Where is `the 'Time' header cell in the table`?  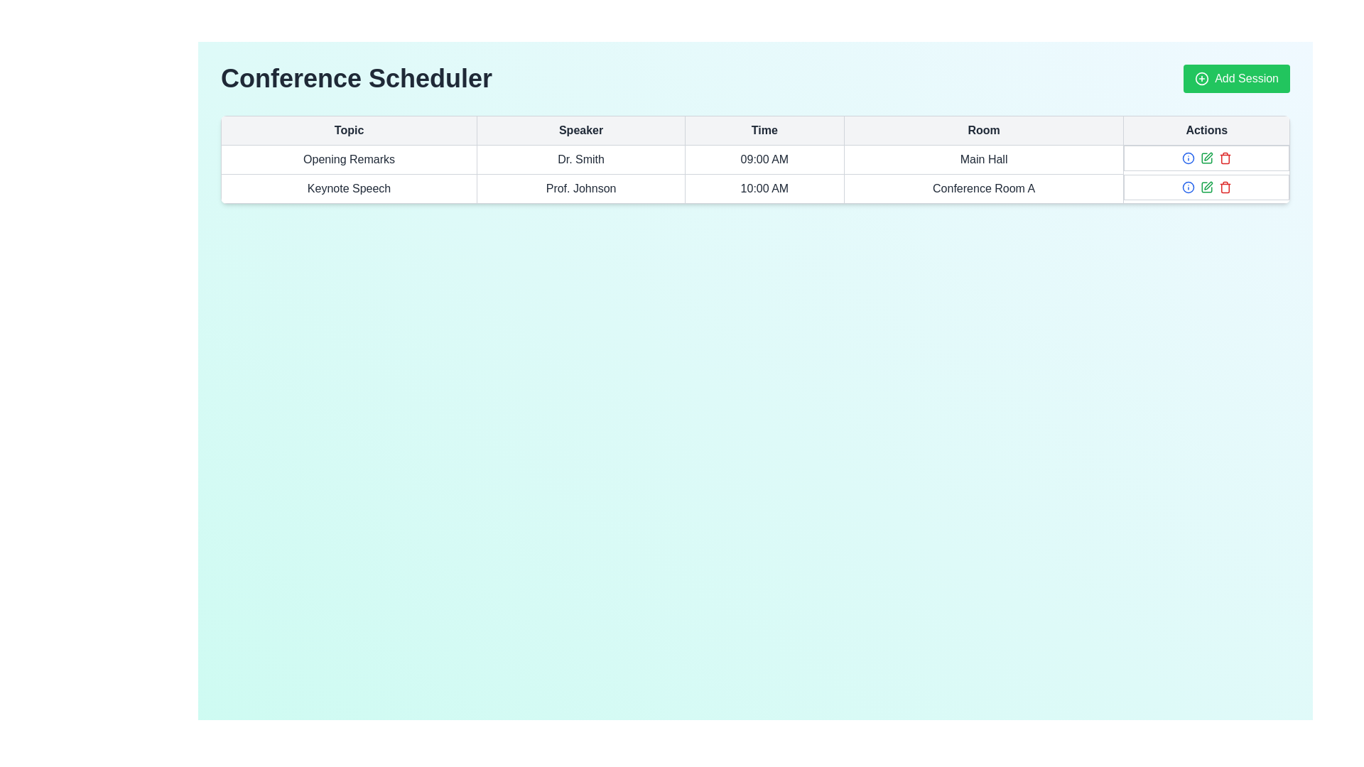 the 'Time' header cell in the table is located at coordinates (764, 131).